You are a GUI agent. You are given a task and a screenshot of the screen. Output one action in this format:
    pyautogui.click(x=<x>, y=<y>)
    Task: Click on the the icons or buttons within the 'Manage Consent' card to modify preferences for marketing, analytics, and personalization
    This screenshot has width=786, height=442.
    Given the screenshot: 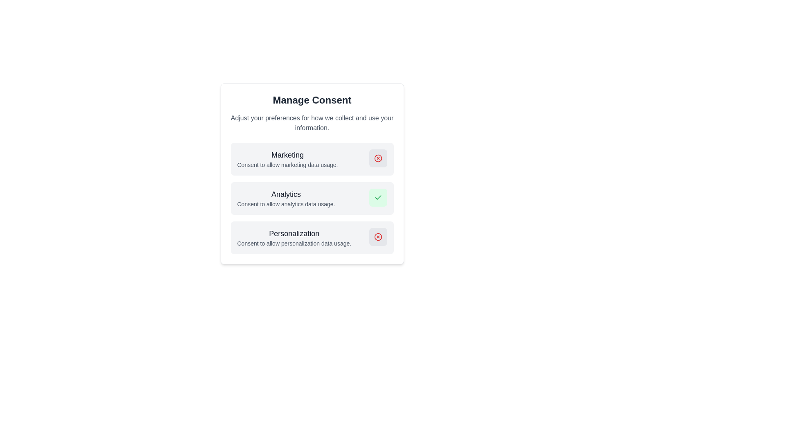 What is the action you would take?
    pyautogui.click(x=312, y=173)
    